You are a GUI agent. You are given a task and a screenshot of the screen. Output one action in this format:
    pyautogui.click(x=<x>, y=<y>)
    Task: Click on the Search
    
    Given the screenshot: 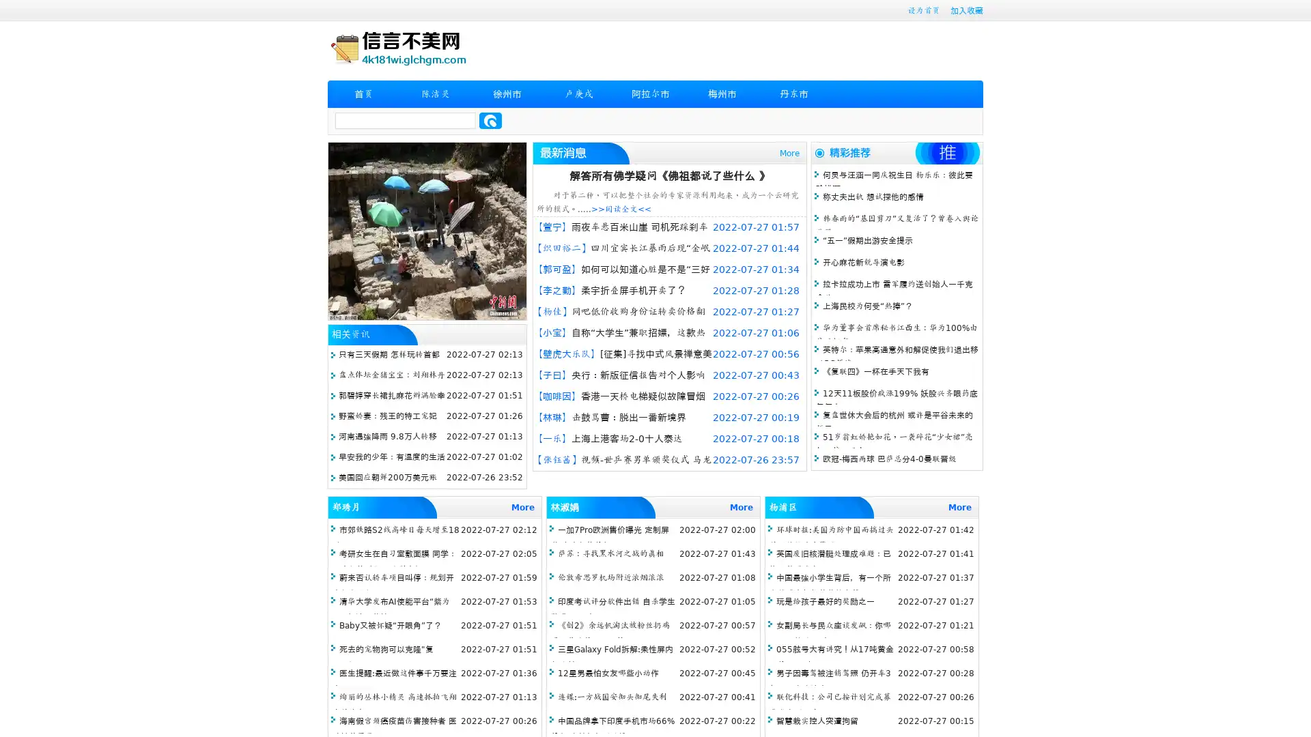 What is the action you would take?
    pyautogui.click(x=490, y=120)
    